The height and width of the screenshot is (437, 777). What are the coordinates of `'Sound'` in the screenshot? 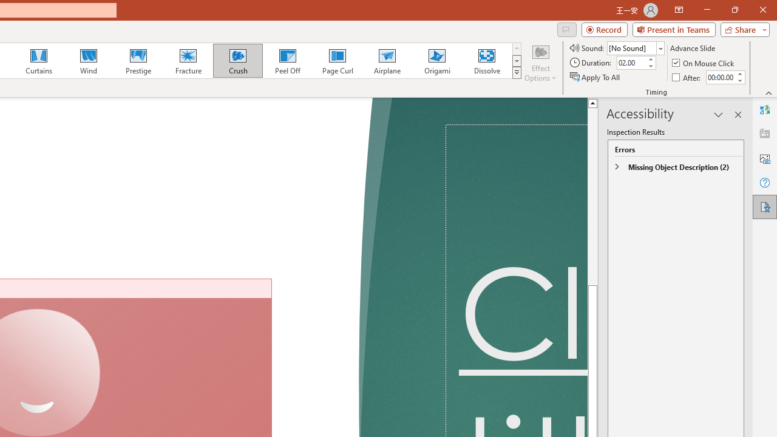 It's located at (635, 47).